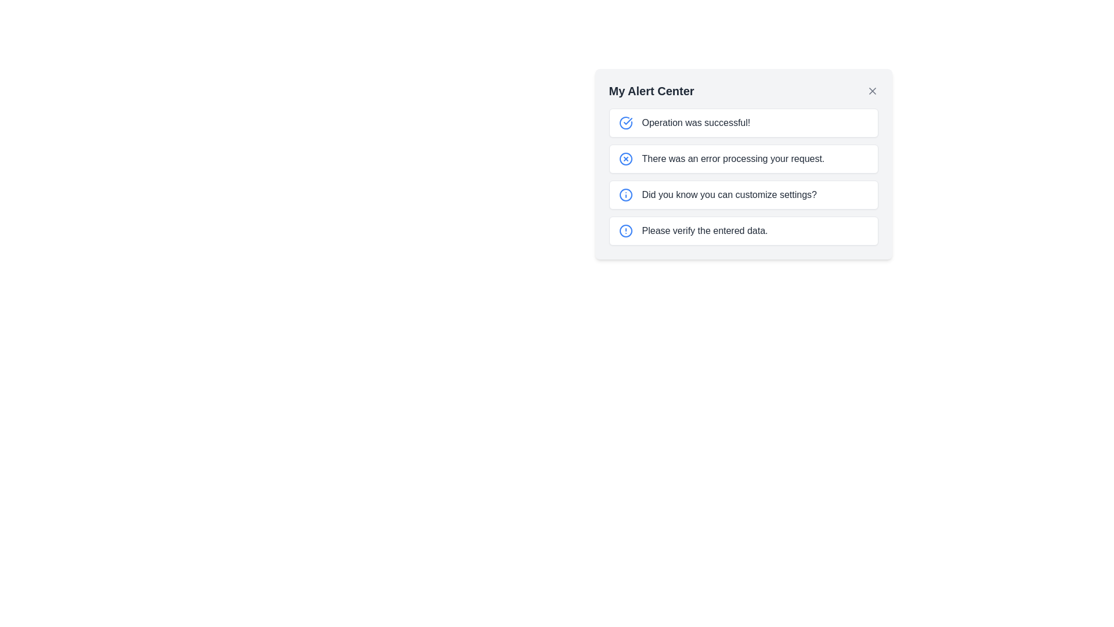  Describe the element at coordinates (729, 194) in the screenshot. I see `the Text Label that informs the user about customizing settings, located in the third row of alerts and to the right of the 'i' icon` at that location.